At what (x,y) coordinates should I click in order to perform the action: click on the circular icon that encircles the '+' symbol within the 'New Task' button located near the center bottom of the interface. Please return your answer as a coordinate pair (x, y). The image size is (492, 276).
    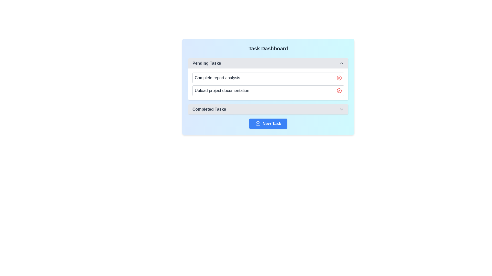
    Looking at the image, I should click on (258, 123).